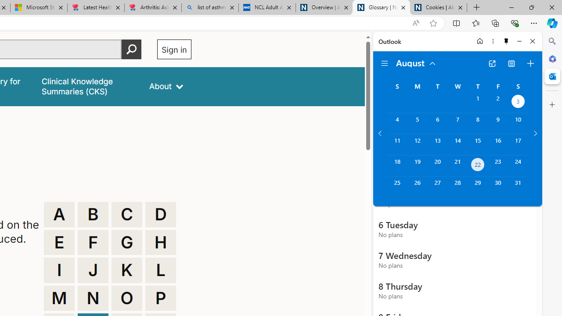 The width and height of the screenshot is (562, 316). What do you see at coordinates (477, 102) in the screenshot?
I see `'Thursday, August 1, 2024. '` at bounding box center [477, 102].